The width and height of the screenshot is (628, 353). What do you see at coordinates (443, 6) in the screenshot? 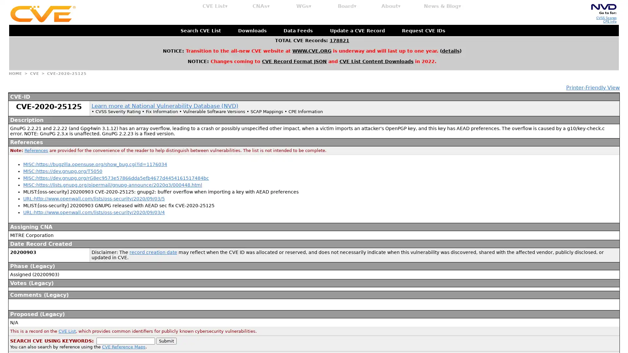
I see `News & Blog` at bounding box center [443, 6].